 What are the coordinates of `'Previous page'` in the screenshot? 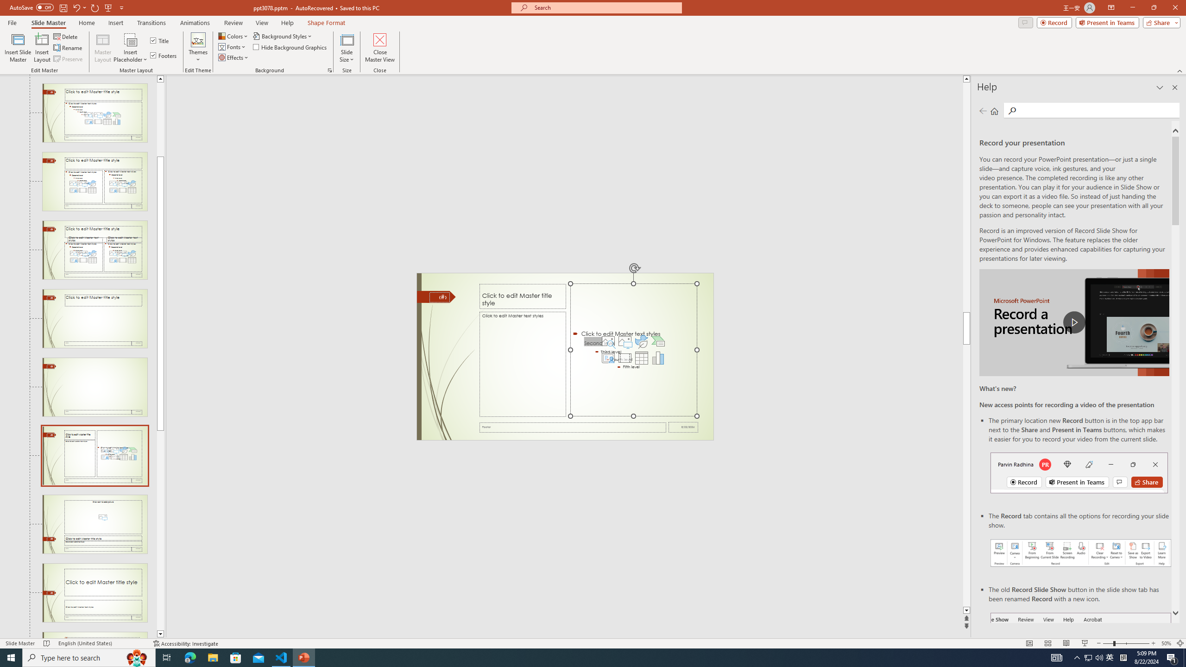 It's located at (983, 110).